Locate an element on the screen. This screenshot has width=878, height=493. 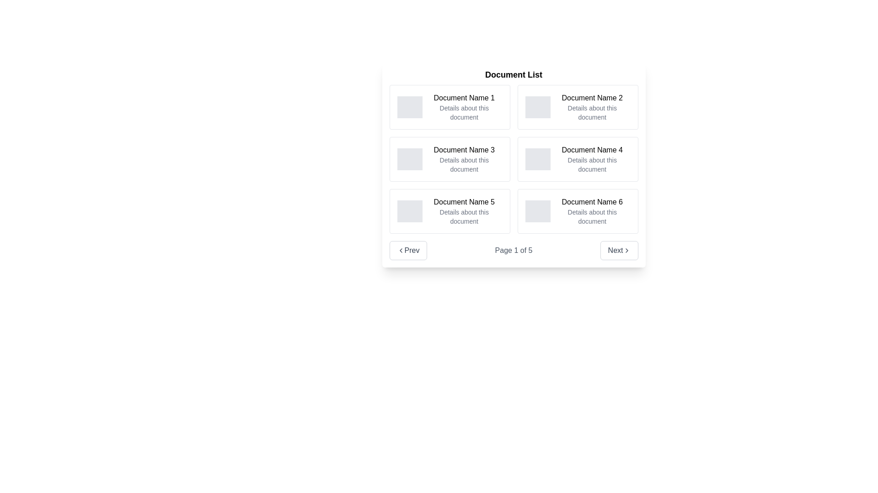
the text label displaying 'Document Name 1' located in the top-left of the grid under 'Document List', which is part of a card component is located at coordinates (464, 98).